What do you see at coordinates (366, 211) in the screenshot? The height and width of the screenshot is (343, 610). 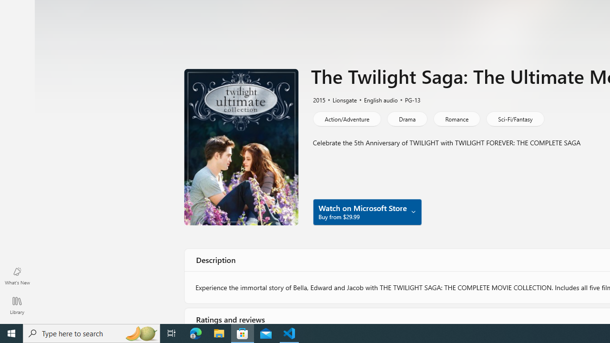 I see `'Watch on Microsoft Store Buy from $29.99'` at bounding box center [366, 211].